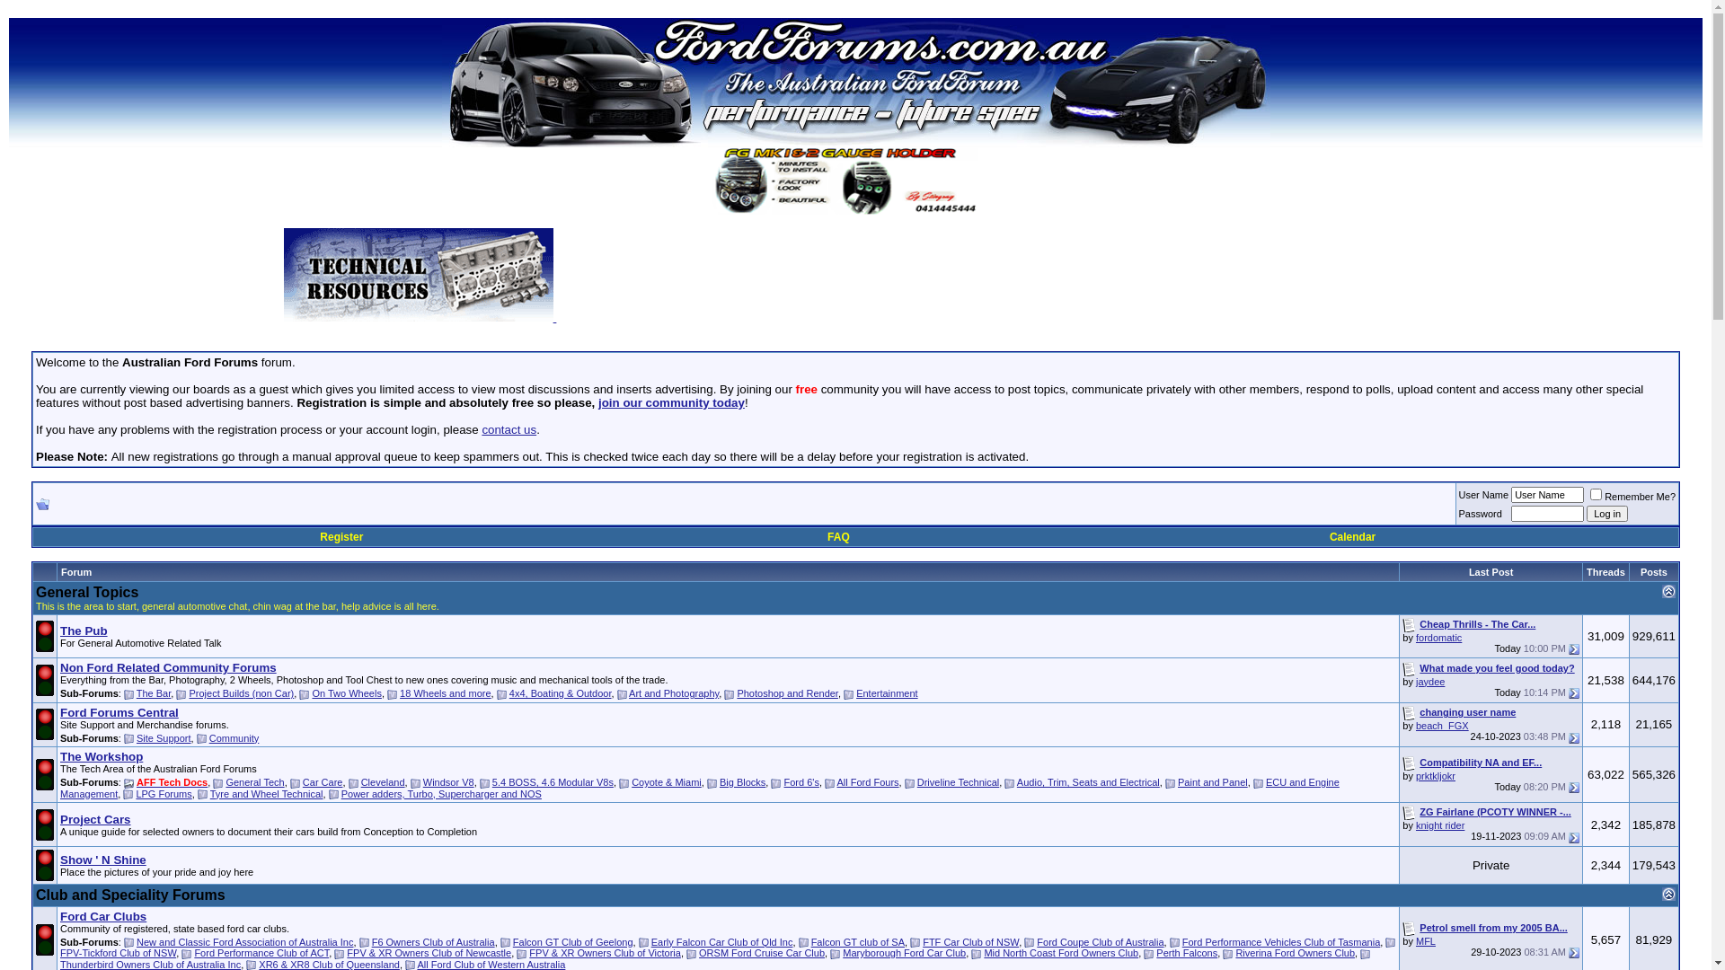 The width and height of the screenshot is (1725, 970). I want to click on 'FAQ', so click(837, 535).